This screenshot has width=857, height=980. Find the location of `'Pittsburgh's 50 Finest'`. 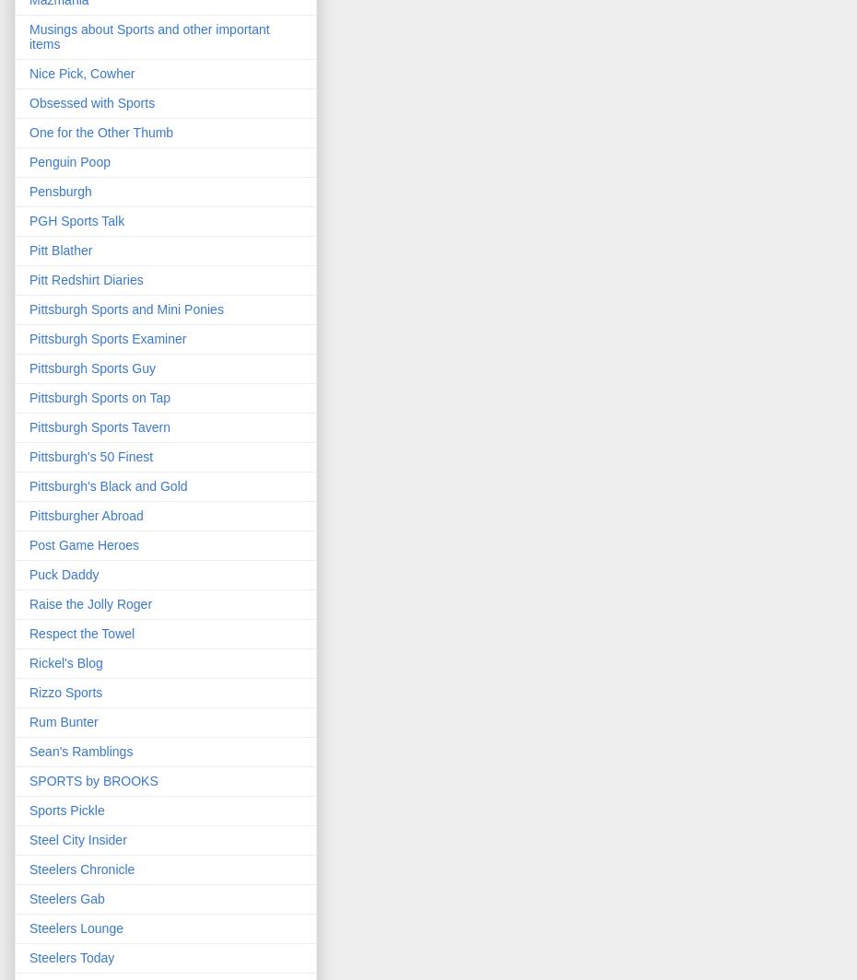

'Pittsburgh's 50 Finest' is located at coordinates (91, 457).